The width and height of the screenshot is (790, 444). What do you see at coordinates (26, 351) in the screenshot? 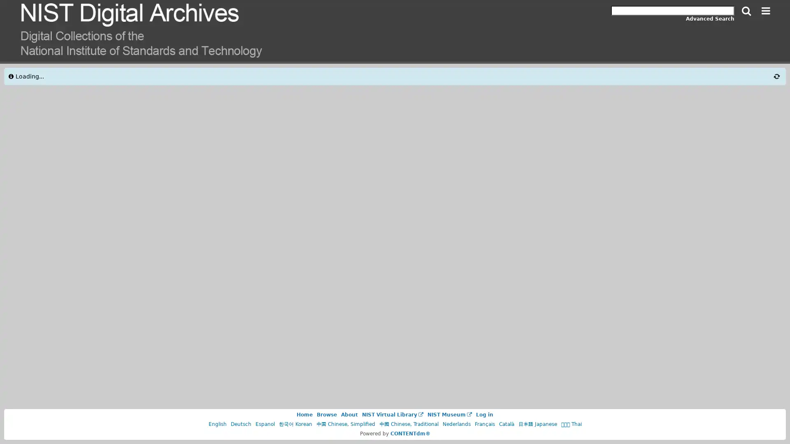
I see `close Subject Facet details` at bounding box center [26, 351].